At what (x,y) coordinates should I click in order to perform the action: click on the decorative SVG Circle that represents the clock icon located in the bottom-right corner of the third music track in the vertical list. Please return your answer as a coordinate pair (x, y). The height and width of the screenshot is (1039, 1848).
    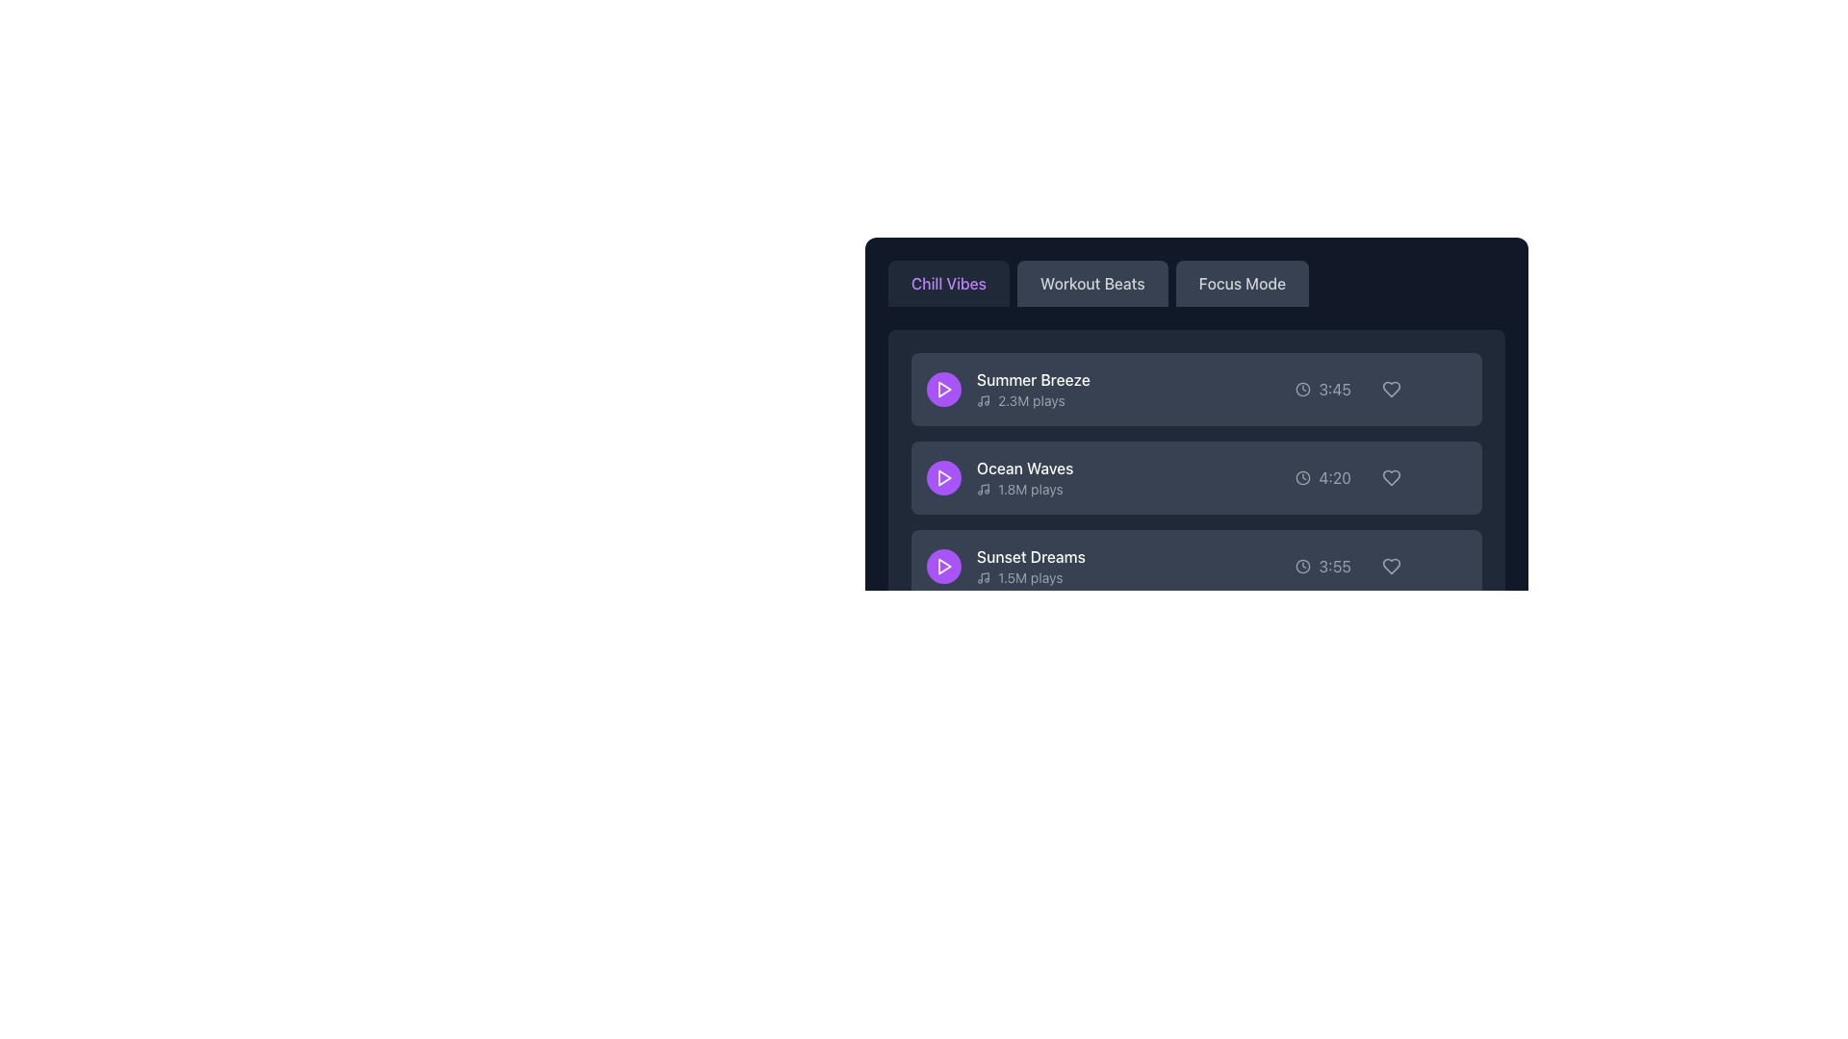
    Looking at the image, I should click on (1303, 566).